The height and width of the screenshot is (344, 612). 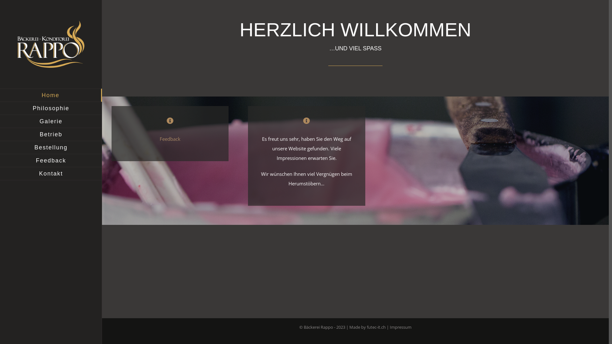 What do you see at coordinates (170, 138) in the screenshot?
I see `'Feedback'` at bounding box center [170, 138].